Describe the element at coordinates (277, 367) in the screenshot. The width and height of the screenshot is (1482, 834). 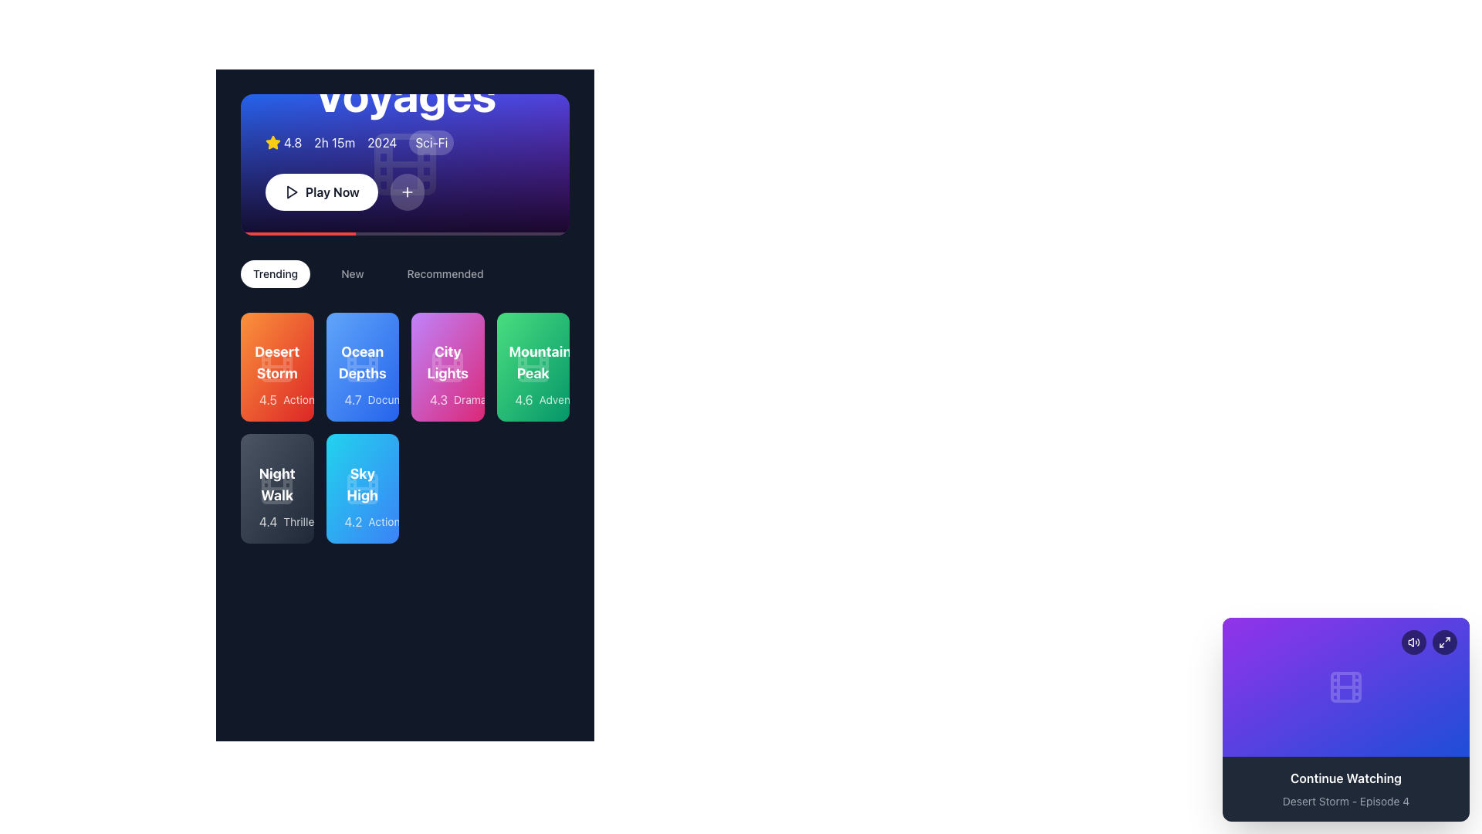
I see `the rectangular graphic with rounded corners that serves as a frame within the film reel icon, located in the first card titled 'Desert Storm'` at that location.